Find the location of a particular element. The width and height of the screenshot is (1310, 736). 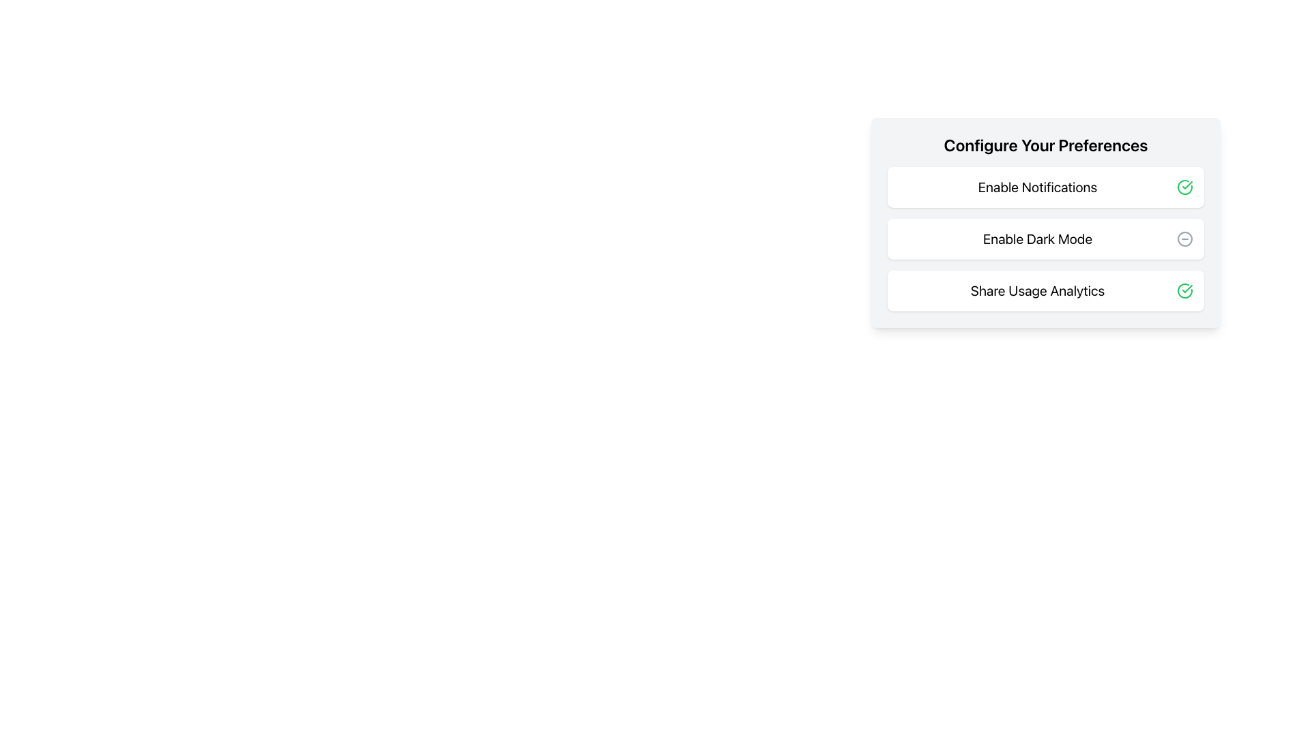

label text for the third option in the 'Configure Your Preferences' menu, which is positioned below 'Enable Dark Mode' and includes a green checkmark icon on the right is located at coordinates (1037, 290).